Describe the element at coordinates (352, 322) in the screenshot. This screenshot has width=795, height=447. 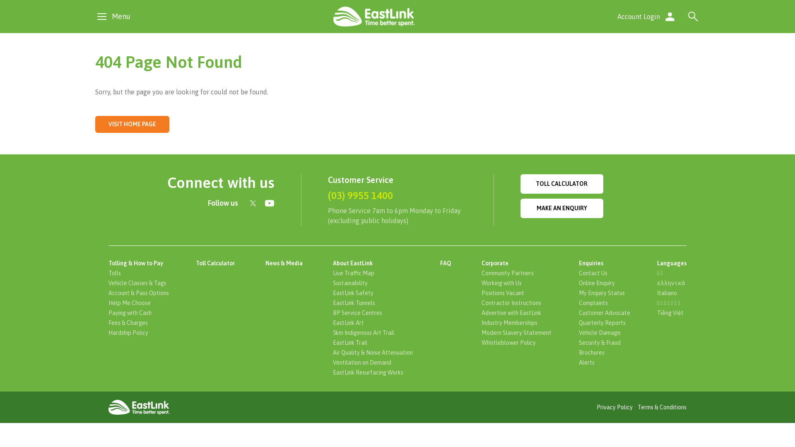
I see `'EastLink Art'` at that location.